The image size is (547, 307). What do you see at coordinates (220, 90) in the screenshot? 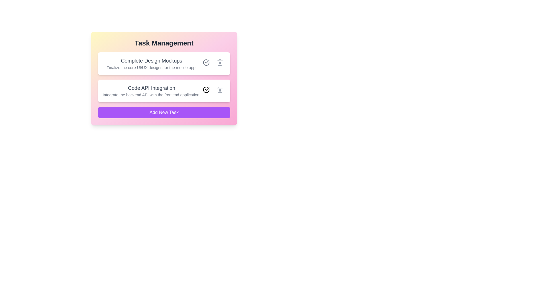
I see `delete button for the task with title 'Code API Integration'` at bounding box center [220, 90].